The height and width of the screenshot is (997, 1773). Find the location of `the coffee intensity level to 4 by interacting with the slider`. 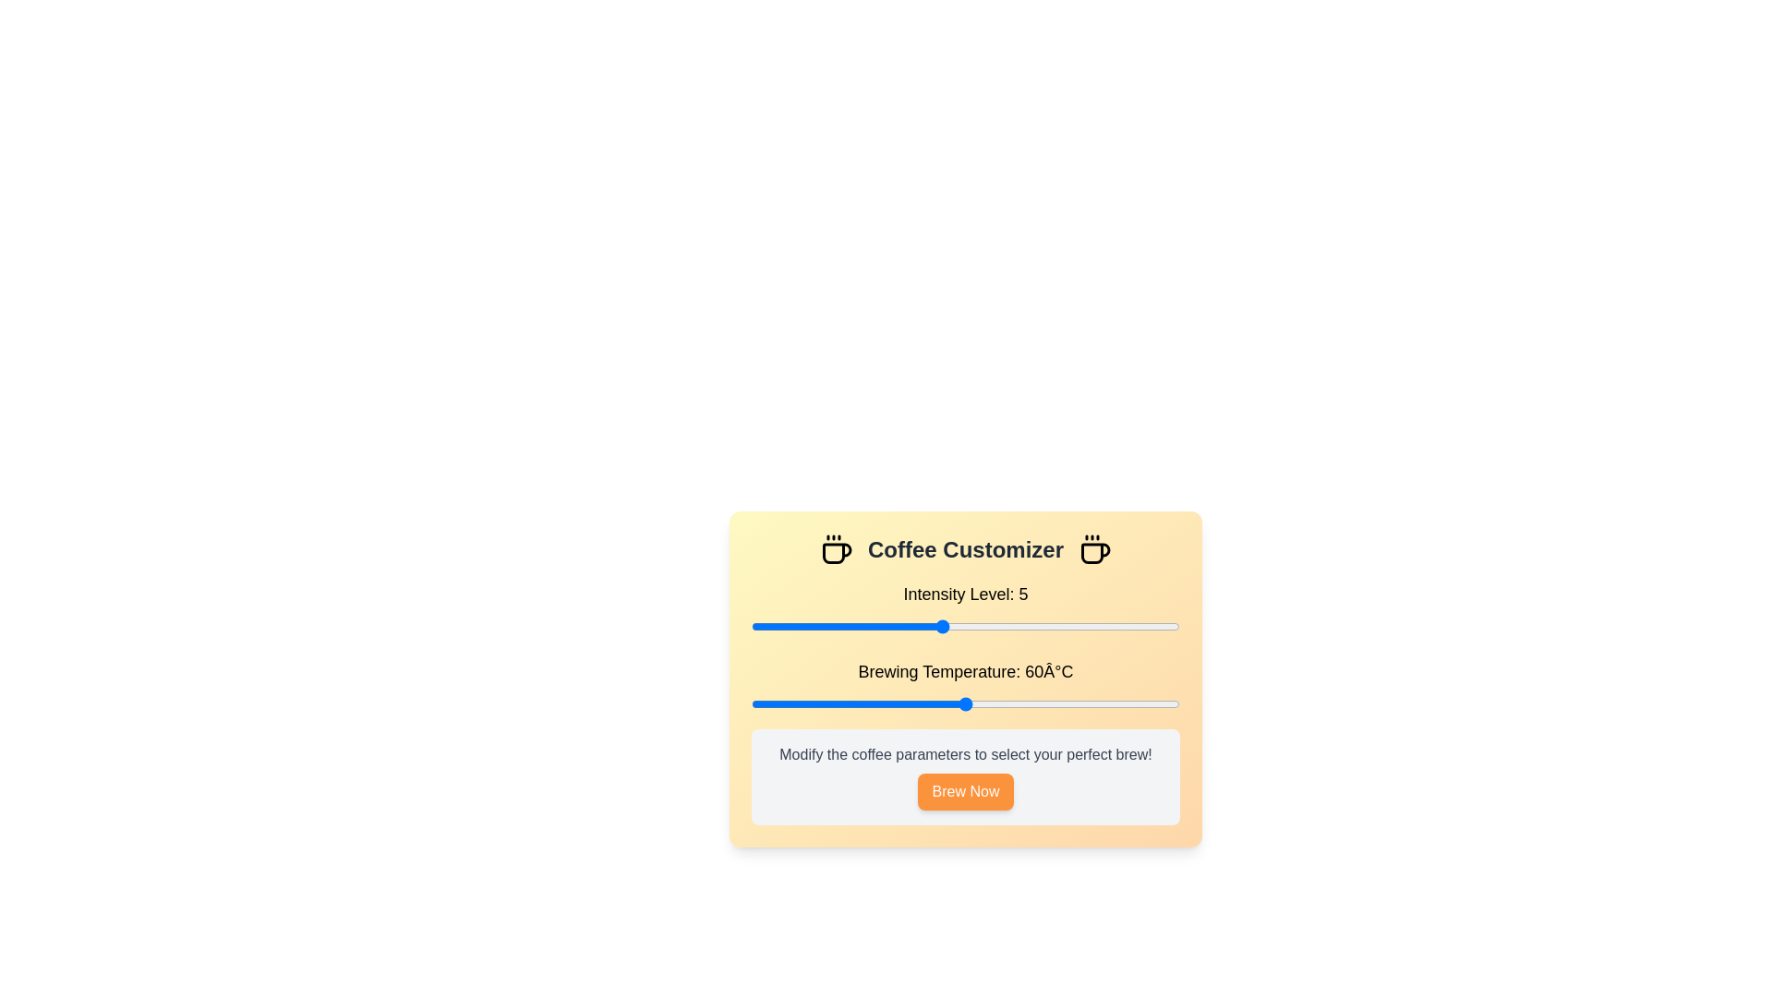

the coffee intensity level to 4 by interacting with the slider is located at coordinates (894, 625).